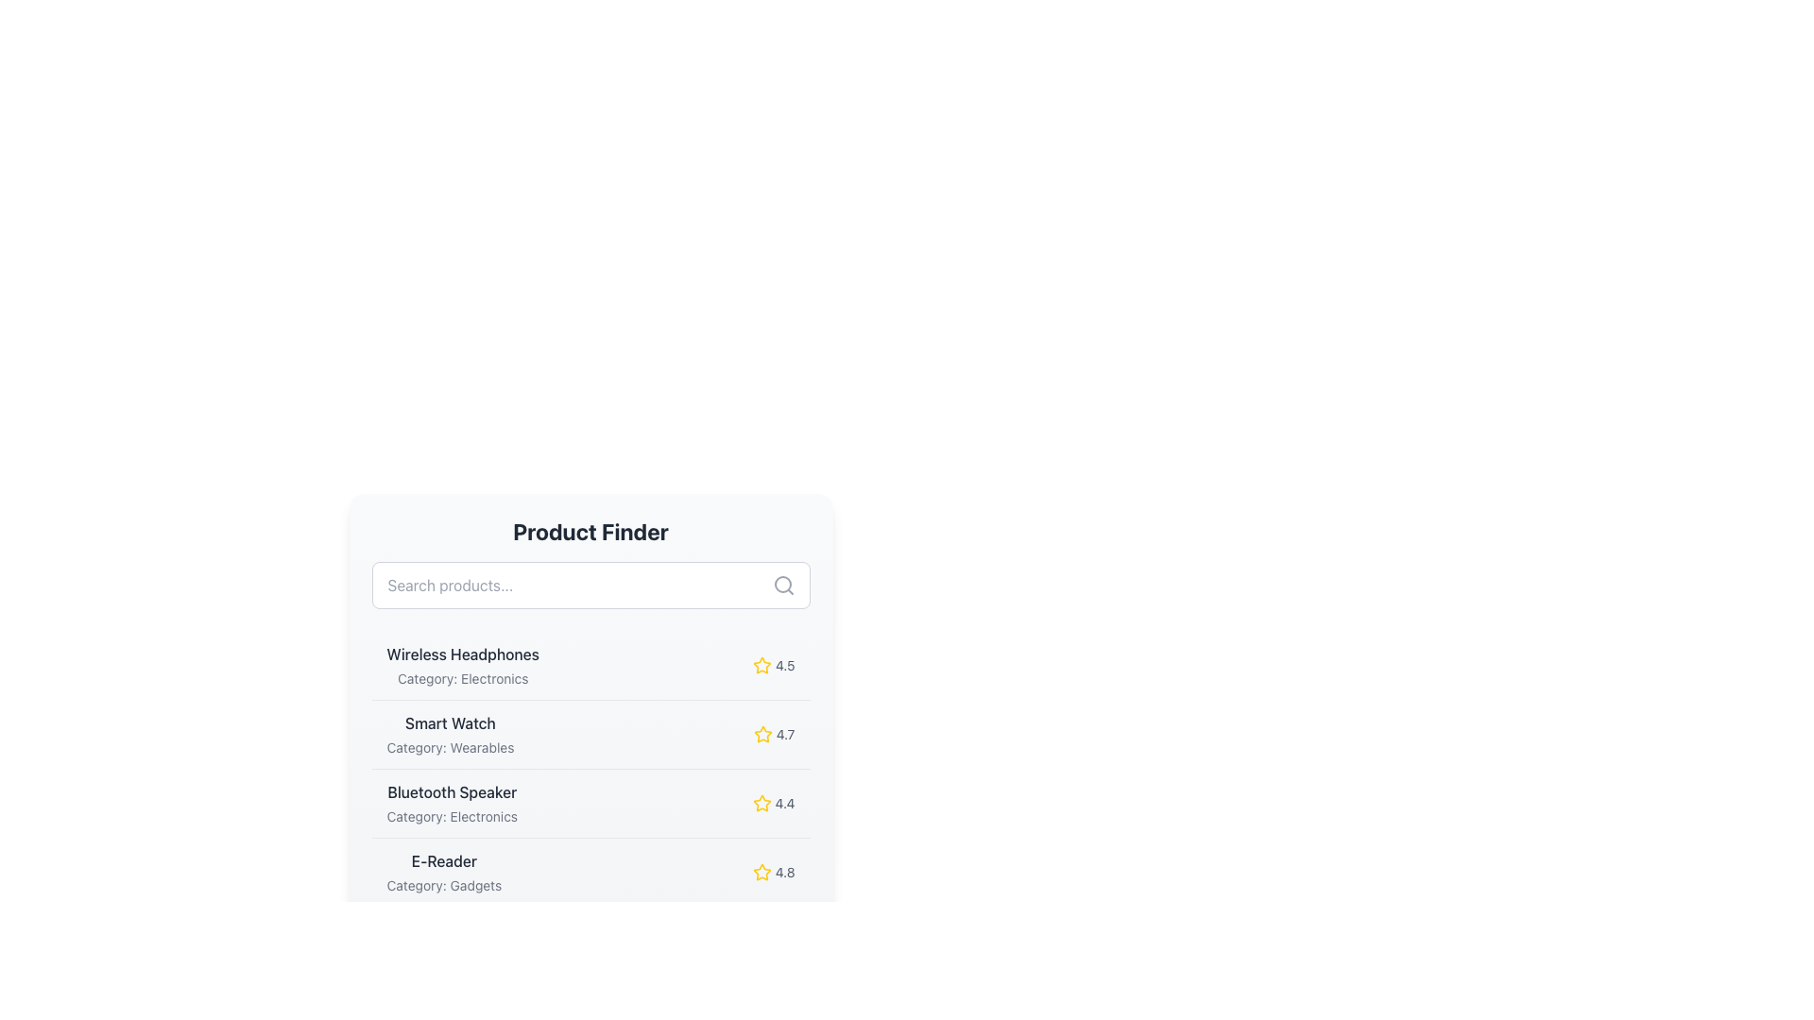 This screenshot has width=1814, height=1020. What do you see at coordinates (774, 873) in the screenshot?
I see `the rating display for the E-Reader product, which includes a yellow star icon and the rating value '4.8'` at bounding box center [774, 873].